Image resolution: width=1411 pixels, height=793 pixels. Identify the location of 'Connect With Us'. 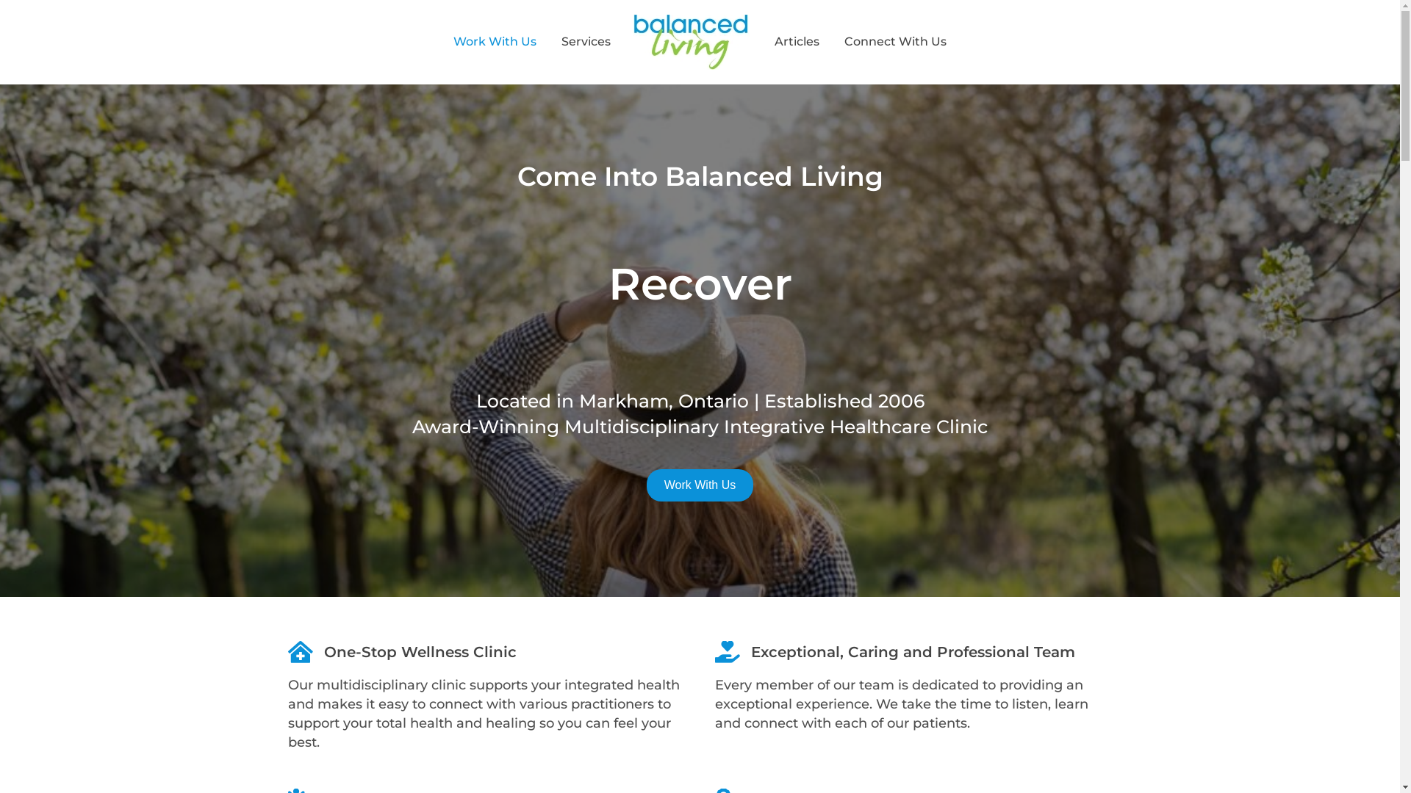
(894, 41).